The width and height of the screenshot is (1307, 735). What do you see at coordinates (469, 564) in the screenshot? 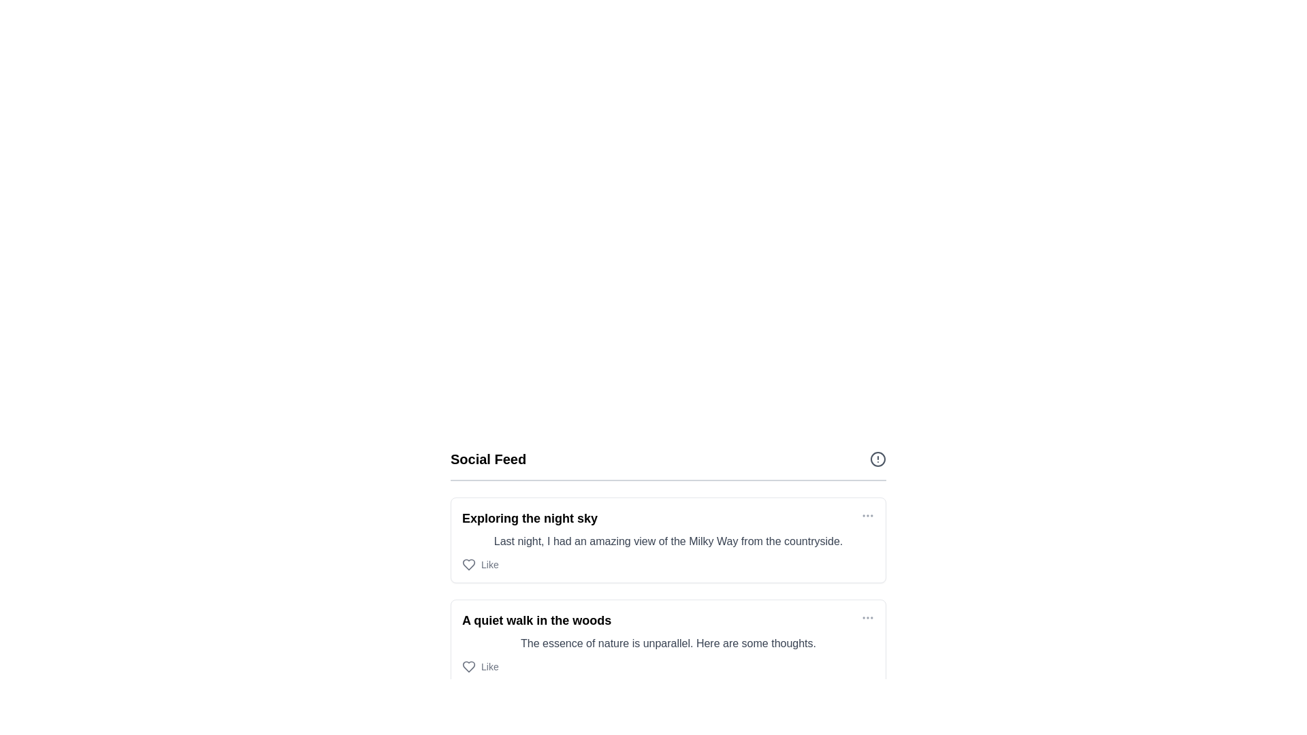
I see `the heart-shaped icon located in the 'Exploring the night sky' section to like the content` at bounding box center [469, 564].